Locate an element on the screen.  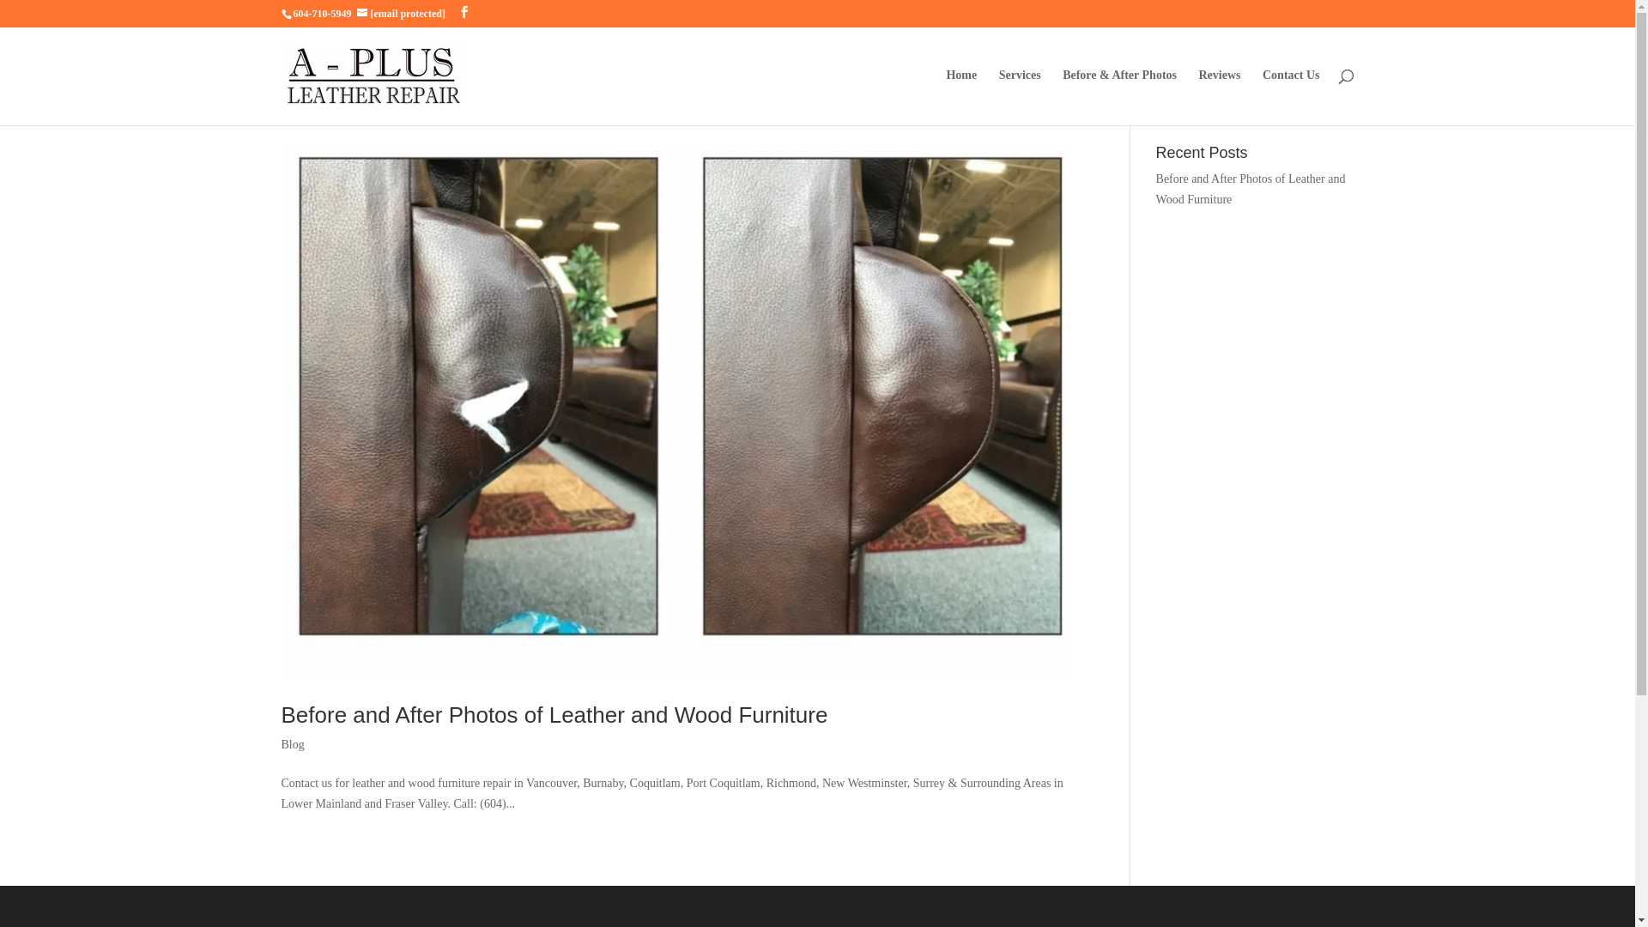
'Reviews' is located at coordinates (1218, 97).